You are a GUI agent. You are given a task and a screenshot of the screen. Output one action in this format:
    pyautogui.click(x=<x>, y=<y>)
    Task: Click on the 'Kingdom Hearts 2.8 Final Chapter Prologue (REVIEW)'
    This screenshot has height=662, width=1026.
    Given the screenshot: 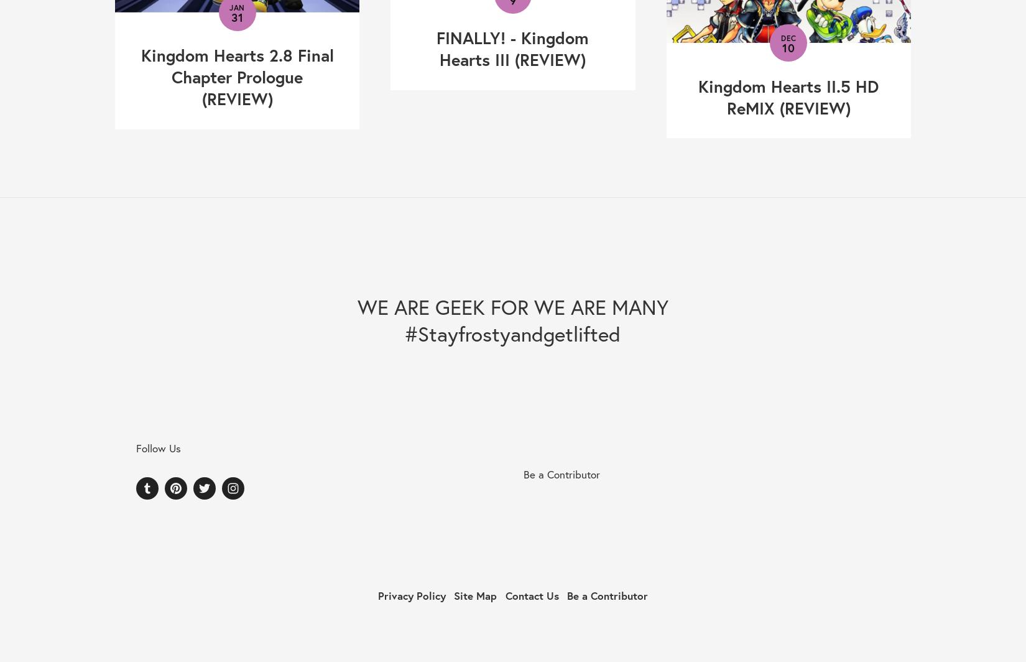 What is the action you would take?
    pyautogui.click(x=236, y=77)
    